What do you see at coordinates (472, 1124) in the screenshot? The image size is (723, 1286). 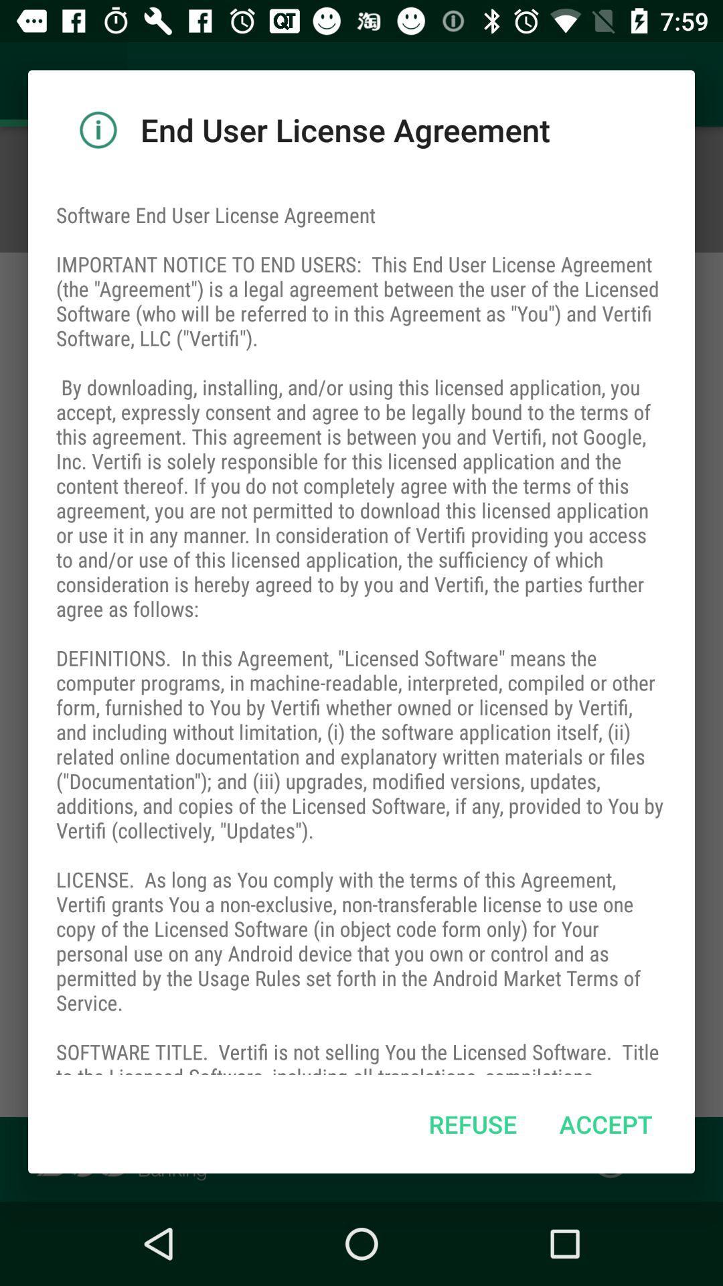 I see `refuse icon` at bounding box center [472, 1124].